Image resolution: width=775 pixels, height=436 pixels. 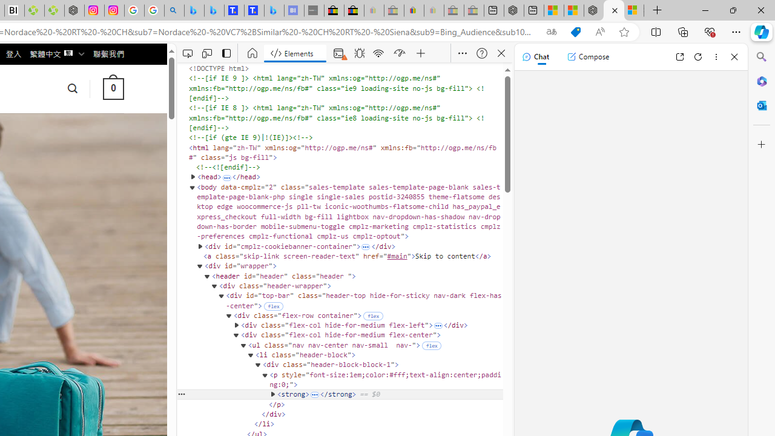 What do you see at coordinates (295, 53) in the screenshot?
I see `'Elements'` at bounding box center [295, 53].